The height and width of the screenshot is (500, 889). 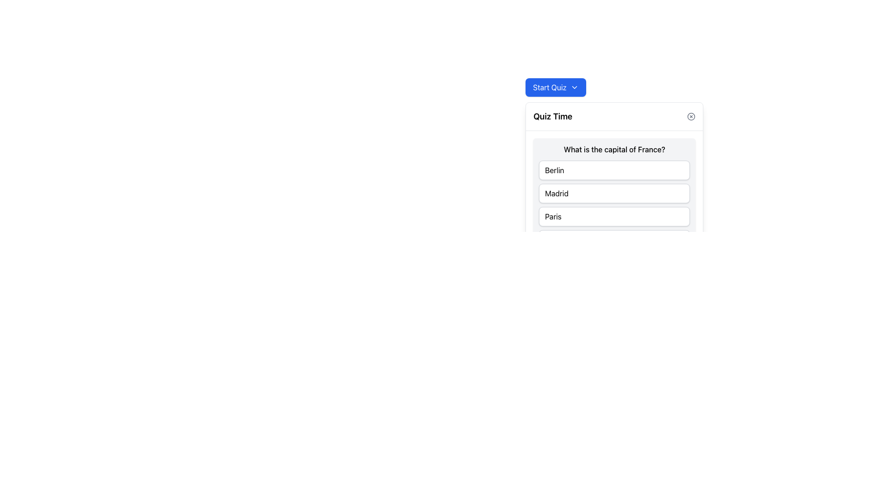 I want to click on the selectable answer option indicating 'Madrid' in the quiz interface, so click(x=614, y=193).